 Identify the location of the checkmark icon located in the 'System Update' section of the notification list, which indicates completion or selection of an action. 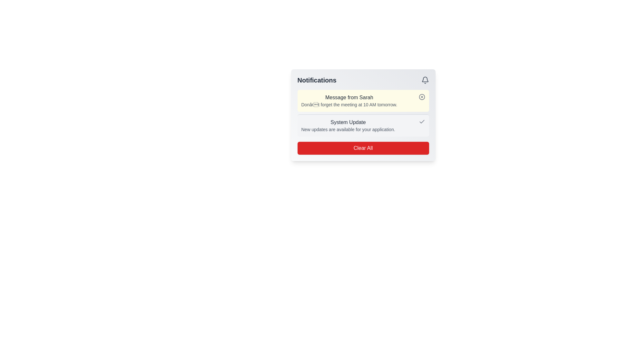
(422, 121).